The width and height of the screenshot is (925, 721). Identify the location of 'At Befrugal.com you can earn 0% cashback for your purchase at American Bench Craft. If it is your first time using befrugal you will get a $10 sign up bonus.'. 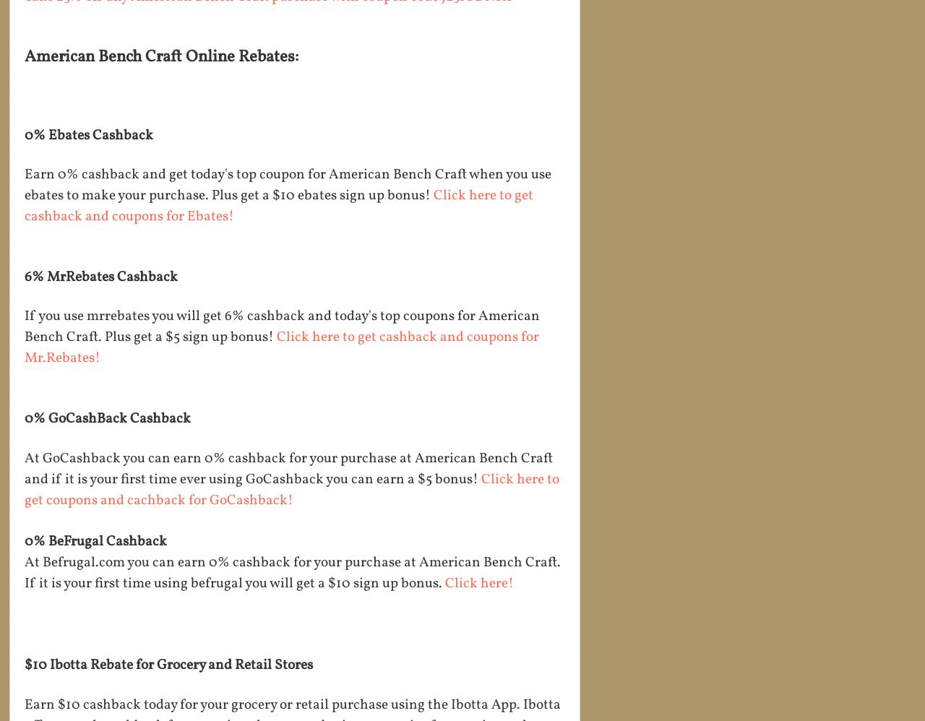
(25, 573).